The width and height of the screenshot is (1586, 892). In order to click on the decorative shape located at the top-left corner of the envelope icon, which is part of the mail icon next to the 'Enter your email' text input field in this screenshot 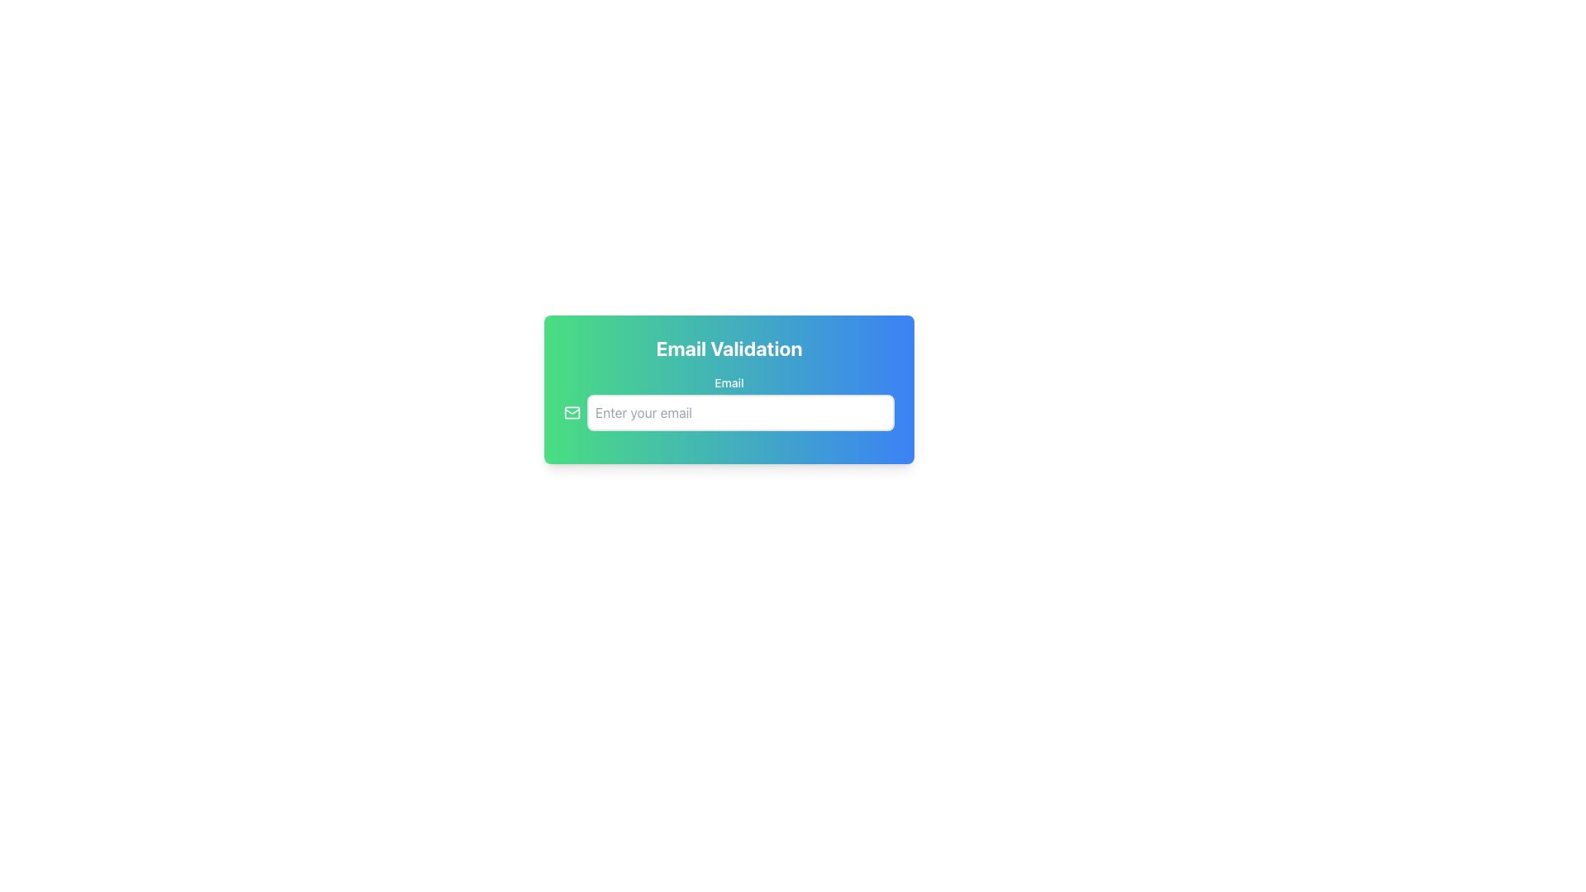, I will do `click(572, 412)`.